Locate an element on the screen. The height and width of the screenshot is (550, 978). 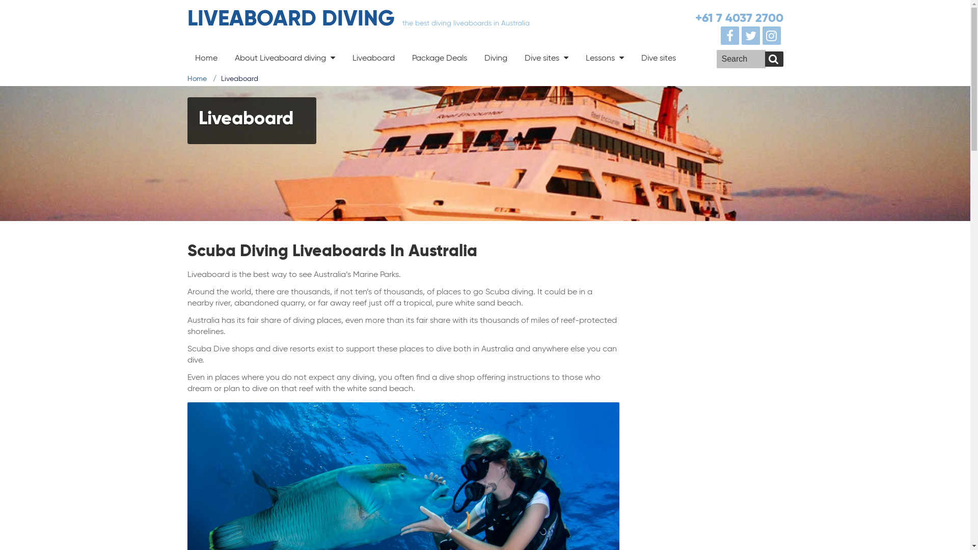
'Diving' is located at coordinates (496, 58).